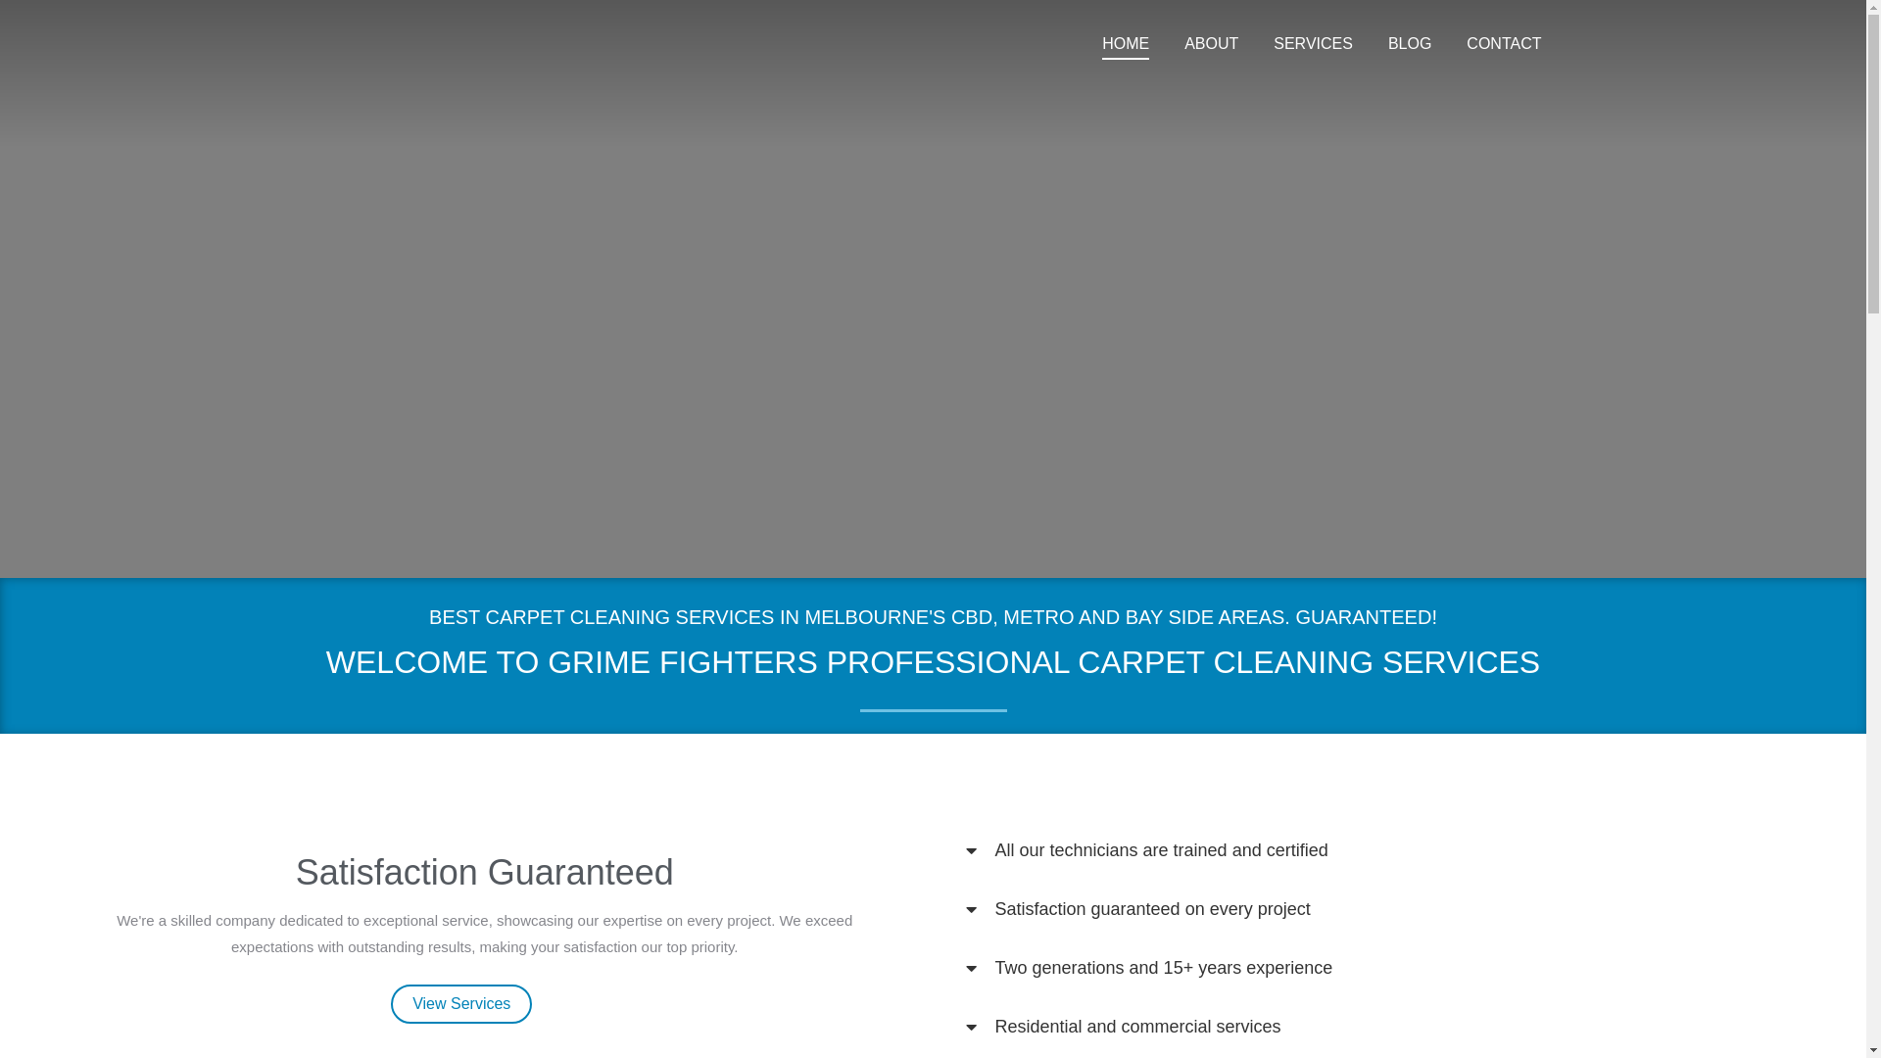 The height and width of the screenshot is (1058, 1881). I want to click on 'CONTACT', so click(1503, 44).